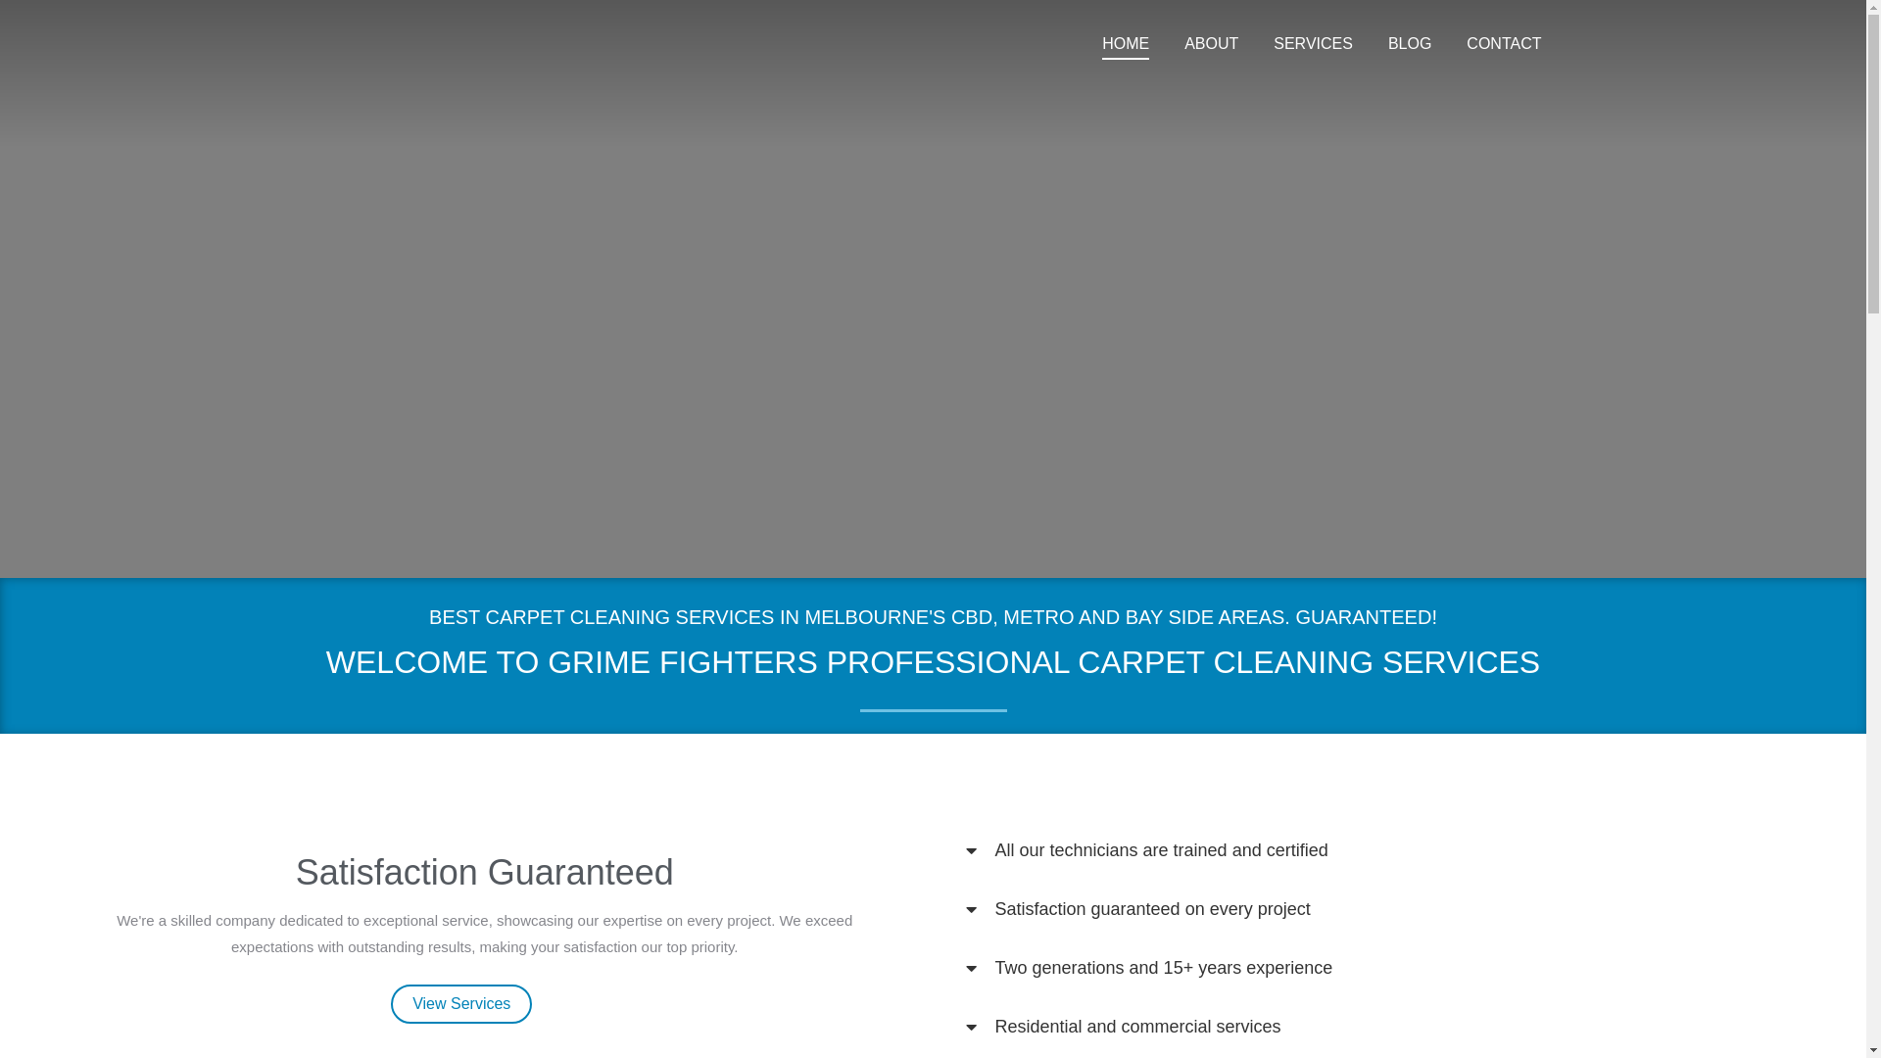 The height and width of the screenshot is (1058, 1881). I want to click on 'CONTACT', so click(1503, 44).